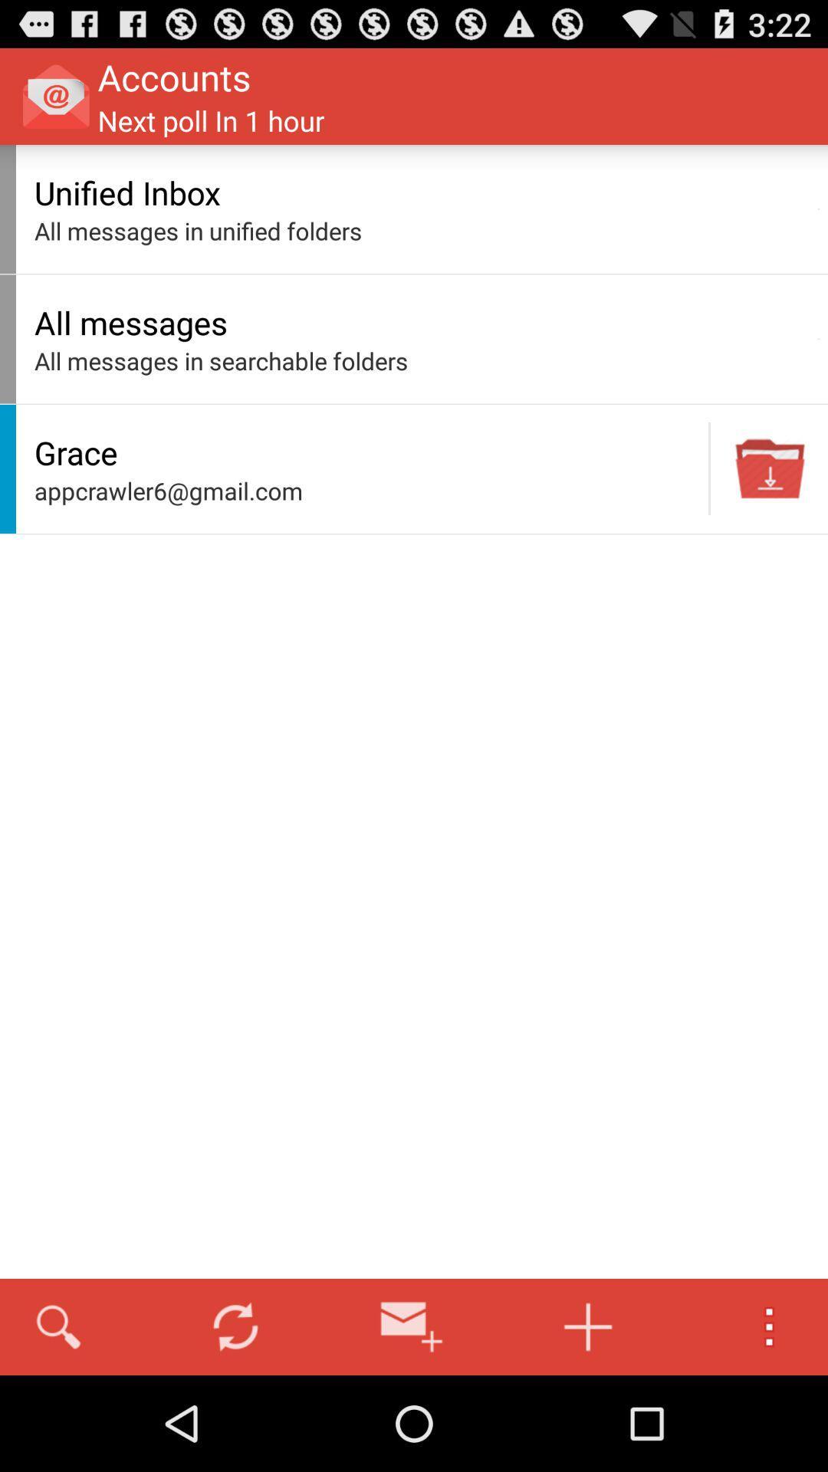 This screenshot has height=1472, width=828. What do you see at coordinates (367, 491) in the screenshot?
I see `the appcrawler6@gmail.com` at bounding box center [367, 491].